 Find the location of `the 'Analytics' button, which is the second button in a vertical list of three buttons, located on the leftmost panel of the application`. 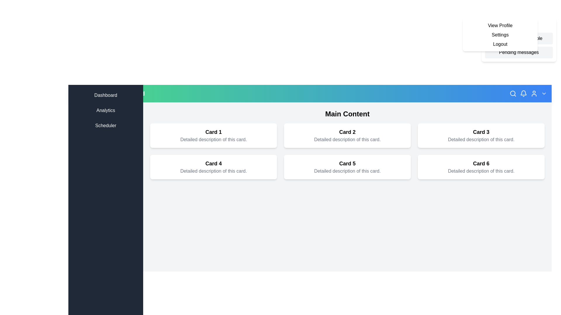

the 'Analytics' button, which is the second button in a vertical list of three buttons, located on the leftmost panel of the application is located at coordinates (105, 110).